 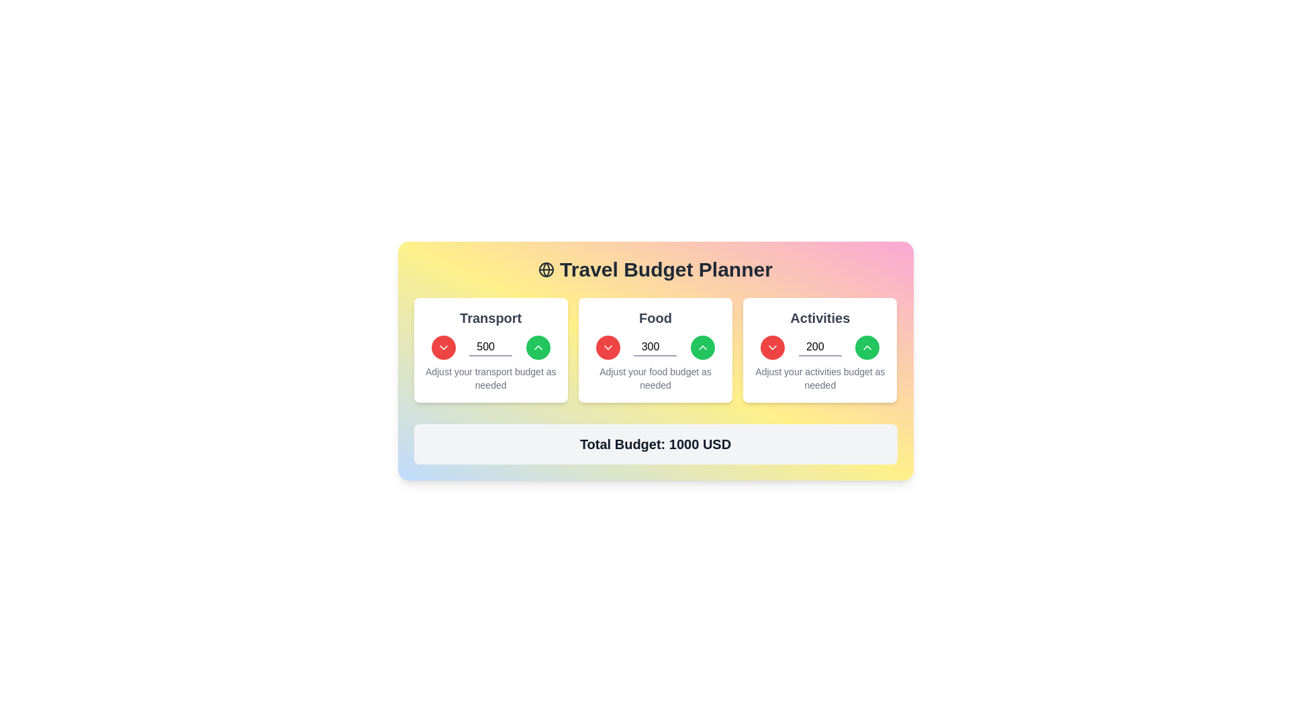 What do you see at coordinates (655, 378) in the screenshot?
I see `the static text that says 'Adjust your food budget as needed', which is styled in gray and located beneath the value input field of the 'Food' card` at bounding box center [655, 378].